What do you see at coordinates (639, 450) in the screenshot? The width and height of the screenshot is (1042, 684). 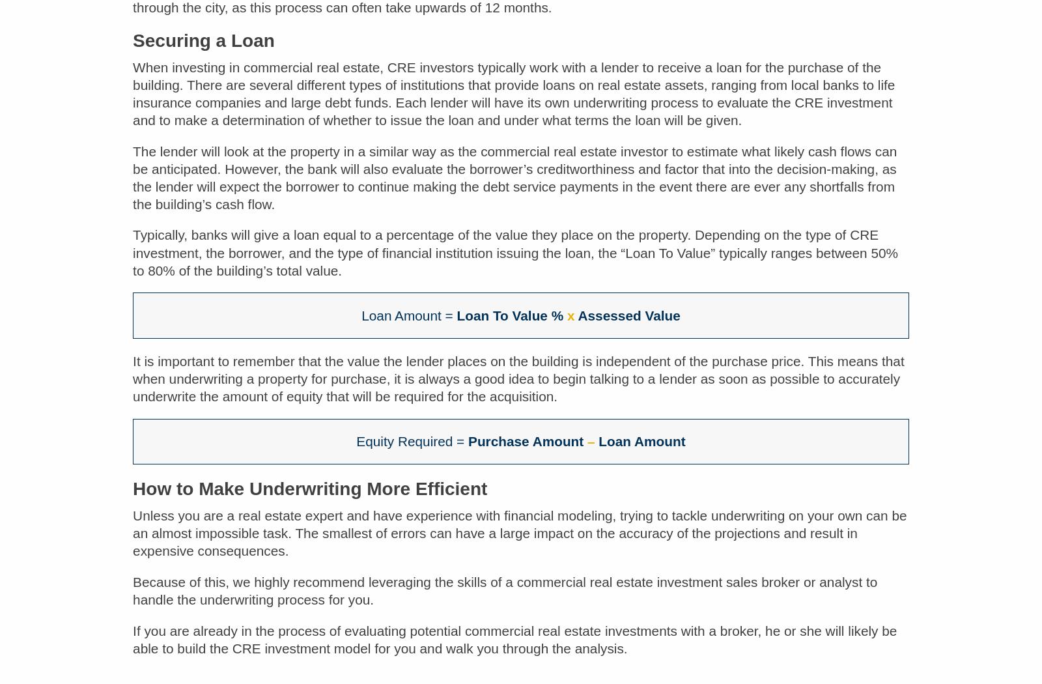 I see `'Loan Amount'` at bounding box center [639, 450].